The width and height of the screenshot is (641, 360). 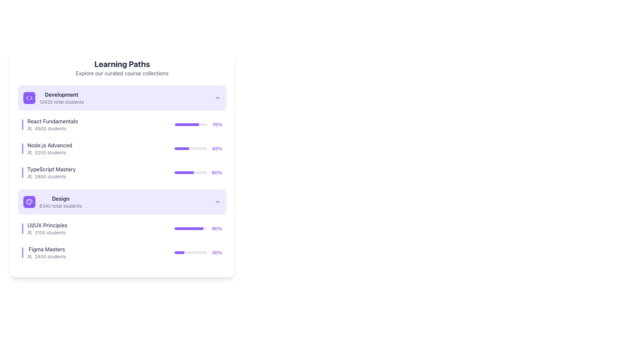 I want to click on the violet vertical decorative bar located to the far left of the 'React Fundamentals' course entry, which has rounded ends and shares horizontal alignment with the course title and icon, so click(x=22, y=125).